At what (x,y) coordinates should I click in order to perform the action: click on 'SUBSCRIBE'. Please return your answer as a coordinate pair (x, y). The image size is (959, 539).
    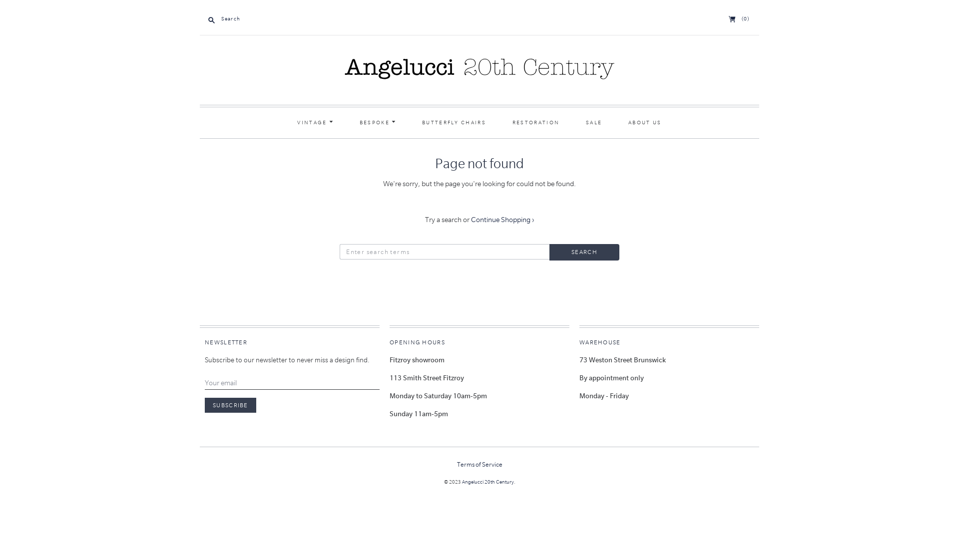
    Looking at the image, I should click on (230, 405).